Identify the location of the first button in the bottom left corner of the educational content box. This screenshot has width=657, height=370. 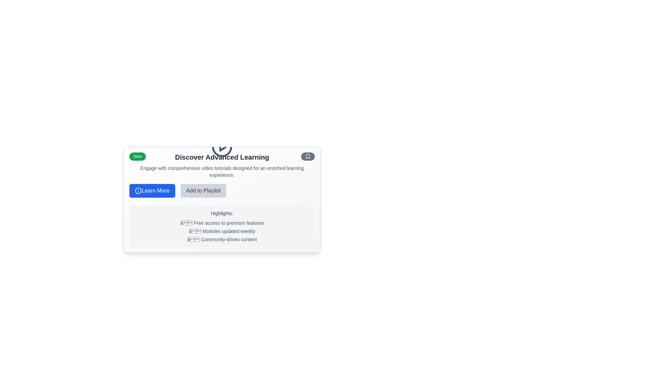
(152, 190).